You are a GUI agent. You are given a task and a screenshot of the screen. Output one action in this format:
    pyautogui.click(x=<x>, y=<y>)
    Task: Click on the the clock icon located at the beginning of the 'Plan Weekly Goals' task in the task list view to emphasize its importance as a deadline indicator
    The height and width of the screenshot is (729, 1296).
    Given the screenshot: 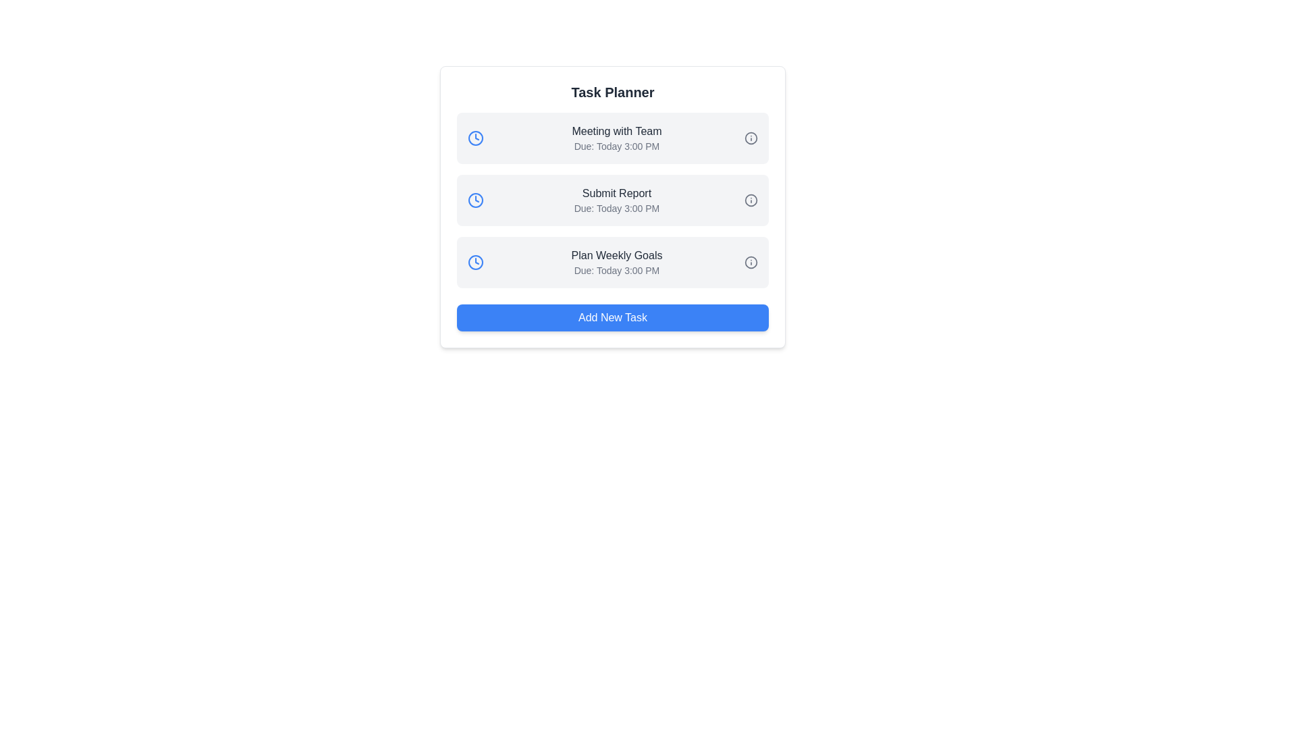 What is the action you would take?
    pyautogui.click(x=476, y=263)
    